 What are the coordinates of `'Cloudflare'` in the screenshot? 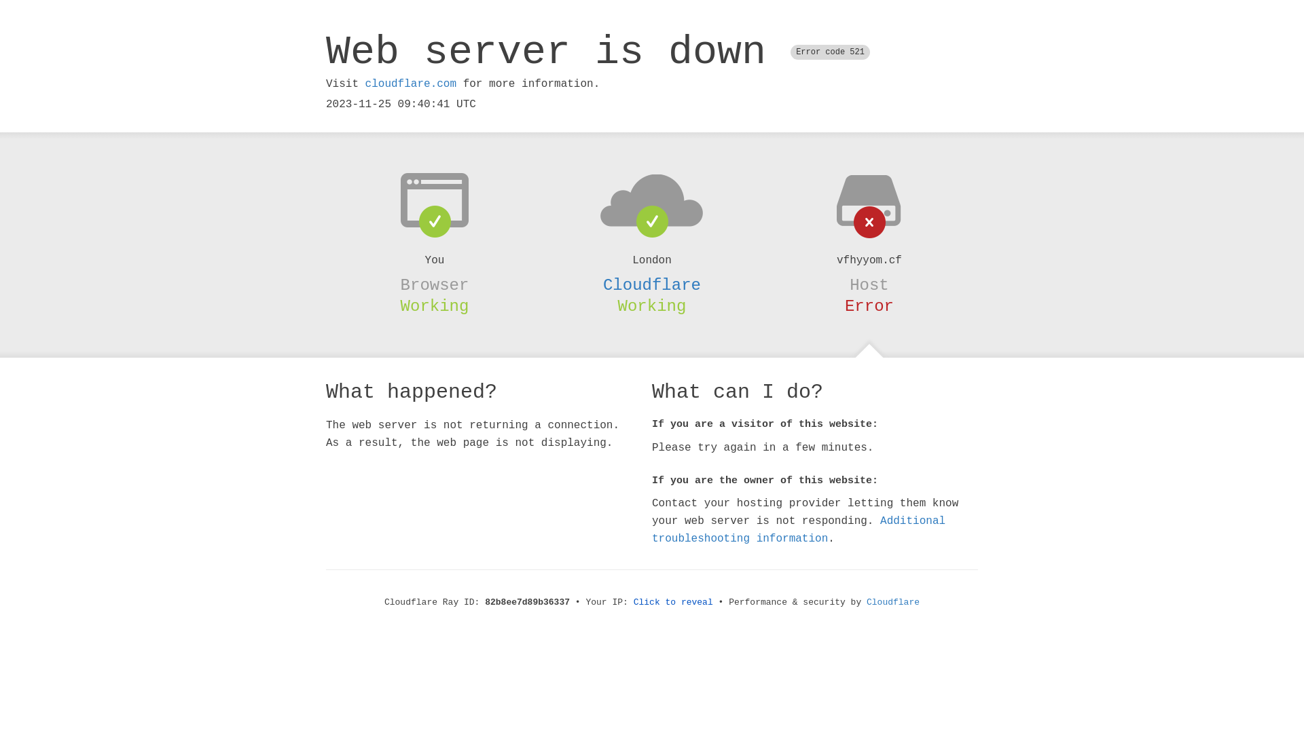 It's located at (652, 284).